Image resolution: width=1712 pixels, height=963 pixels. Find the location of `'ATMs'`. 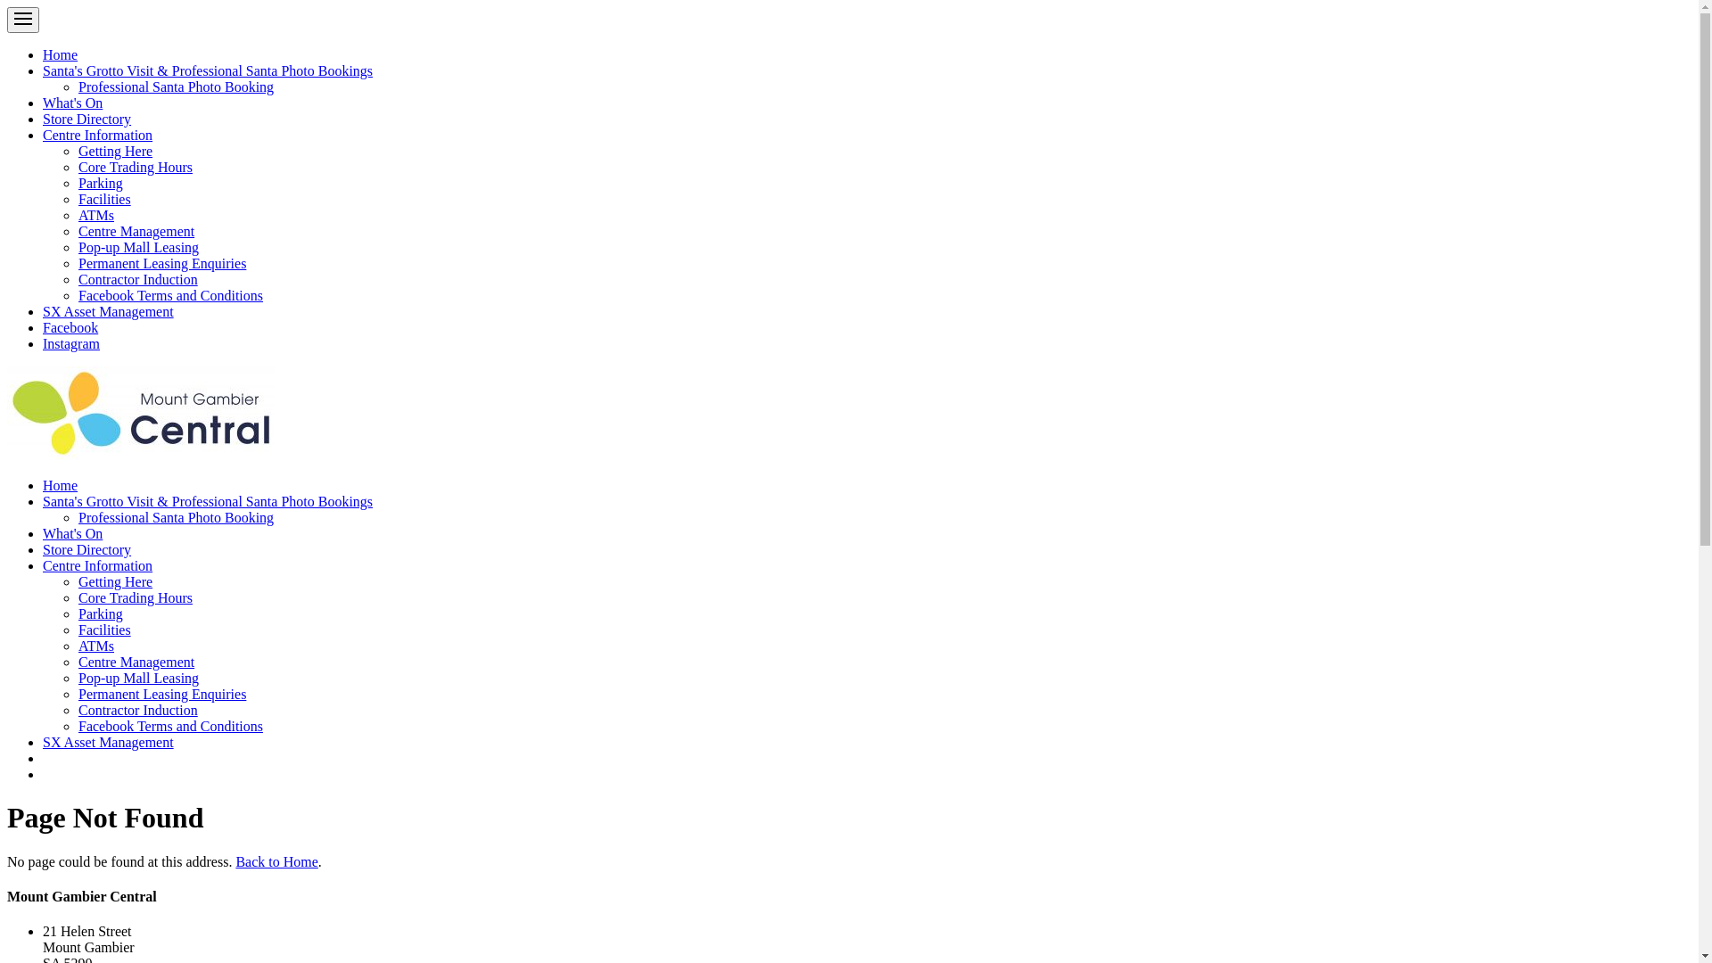

'ATMs' is located at coordinates (77, 214).